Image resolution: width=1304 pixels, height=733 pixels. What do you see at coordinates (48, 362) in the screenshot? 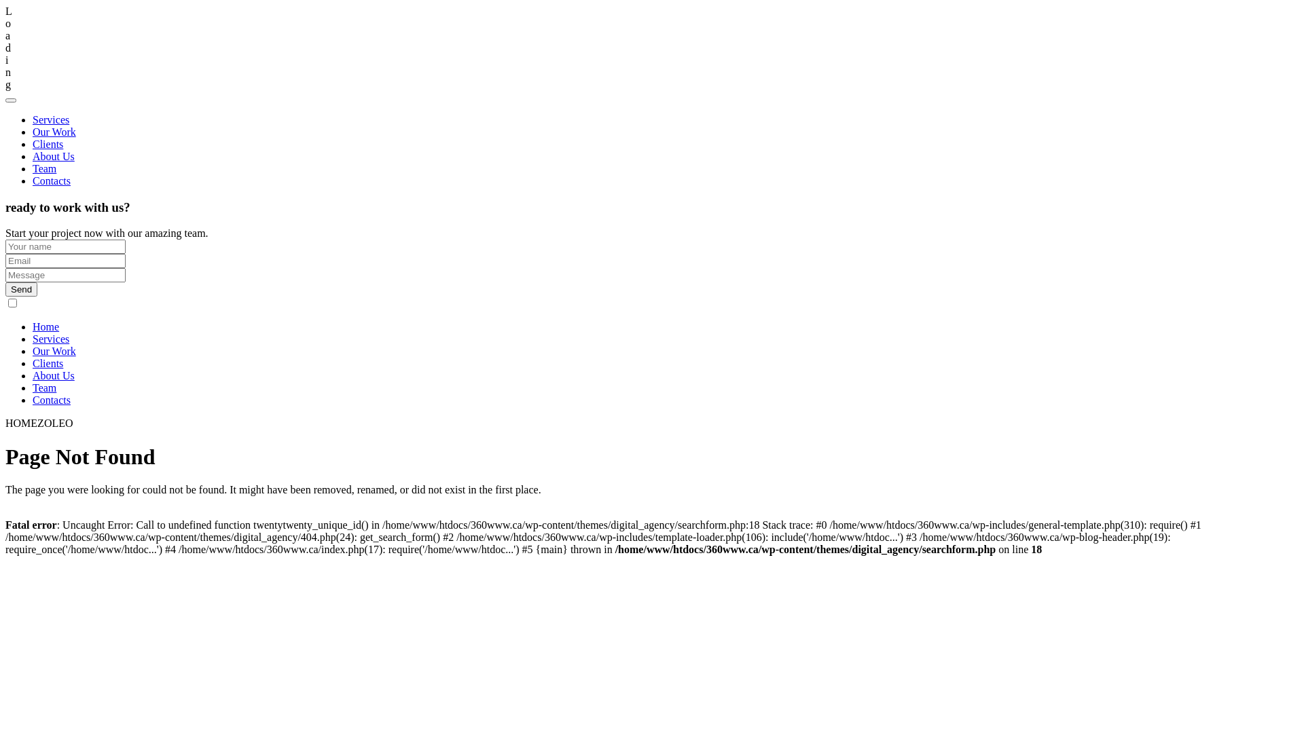
I see `'Clients'` at bounding box center [48, 362].